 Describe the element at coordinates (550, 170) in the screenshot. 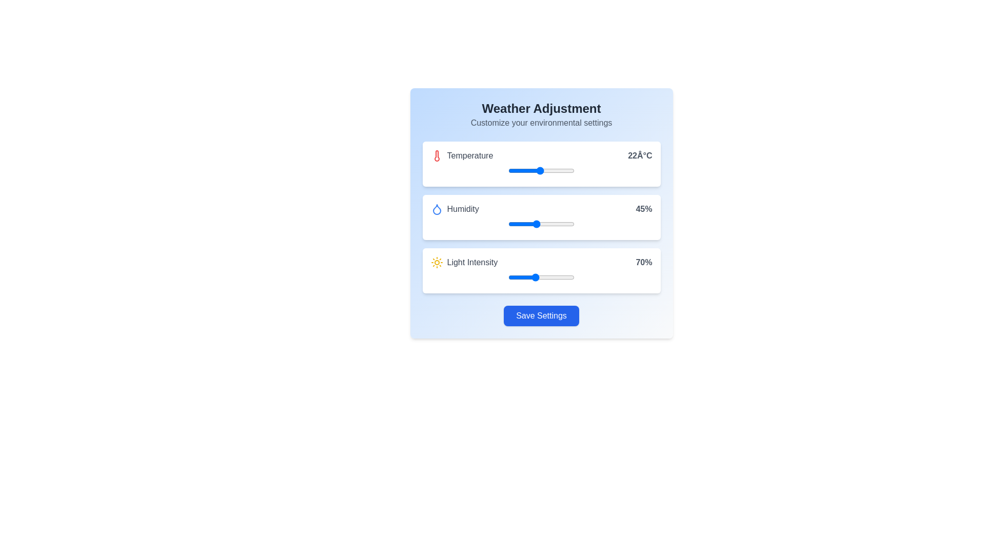

I see `the temperature slider` at that location.